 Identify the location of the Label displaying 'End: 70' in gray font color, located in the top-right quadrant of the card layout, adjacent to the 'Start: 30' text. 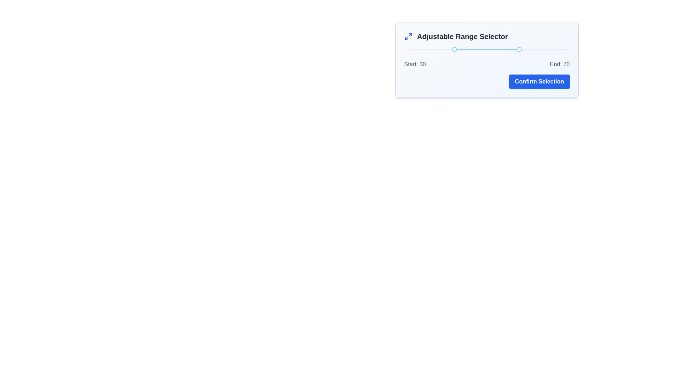
(559, 64).